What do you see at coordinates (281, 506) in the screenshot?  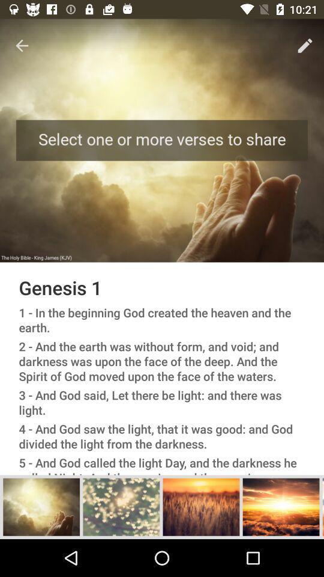 I see `it show the image` at bounding box center [281, 506].